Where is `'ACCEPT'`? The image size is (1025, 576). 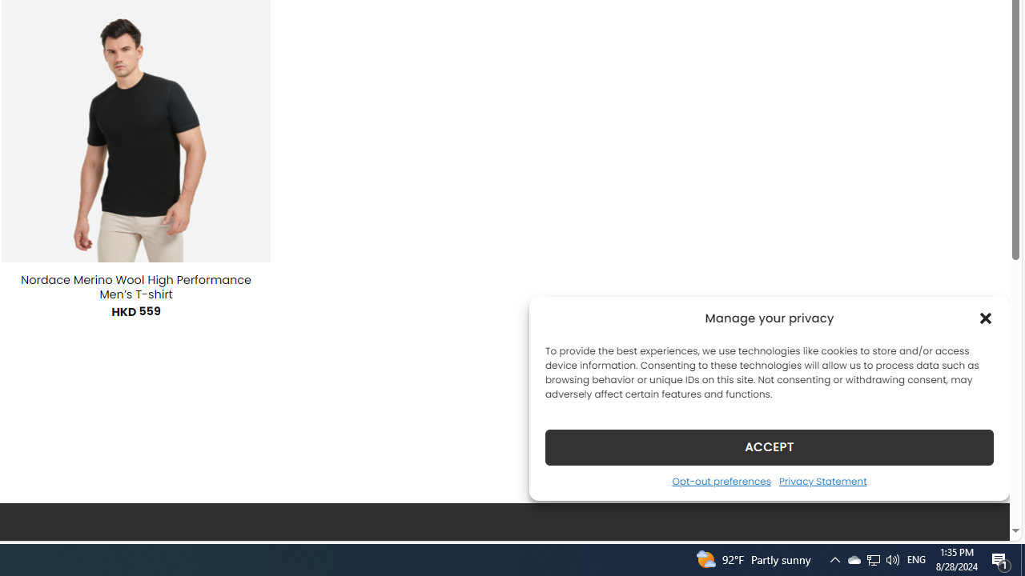
'ACCEPT' is located at coordinates (770, 446).